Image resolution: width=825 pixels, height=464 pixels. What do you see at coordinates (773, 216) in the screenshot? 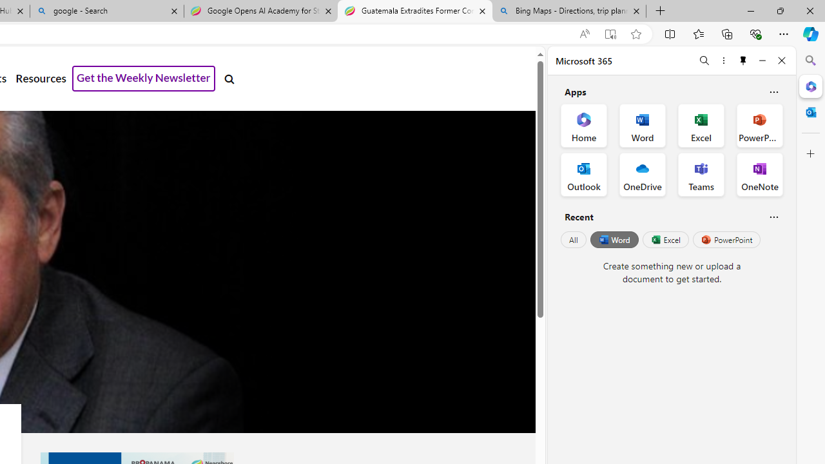
I see `'Is this helpful?'` at bounding box center [773, 216].